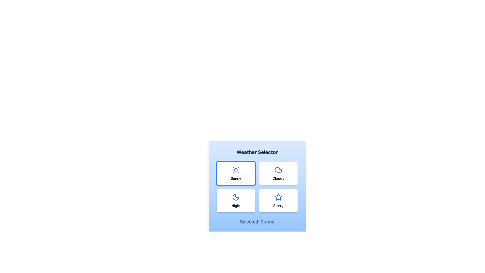  What do you see at coordinates (278, 200) in the screenshot?
I see `the 'Starry' button, which is a white button with rounded corners and a blue star icon, located at the bottom-right position of a 2x2 grid of weather option buttons` at bounding box center [278, 200].